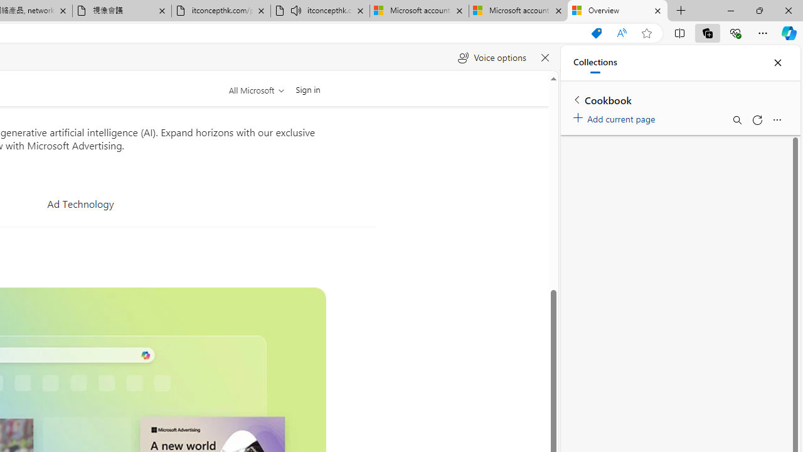 The image size is (803, 452). I want to click on 'Close read aloud', so click(545, 58).